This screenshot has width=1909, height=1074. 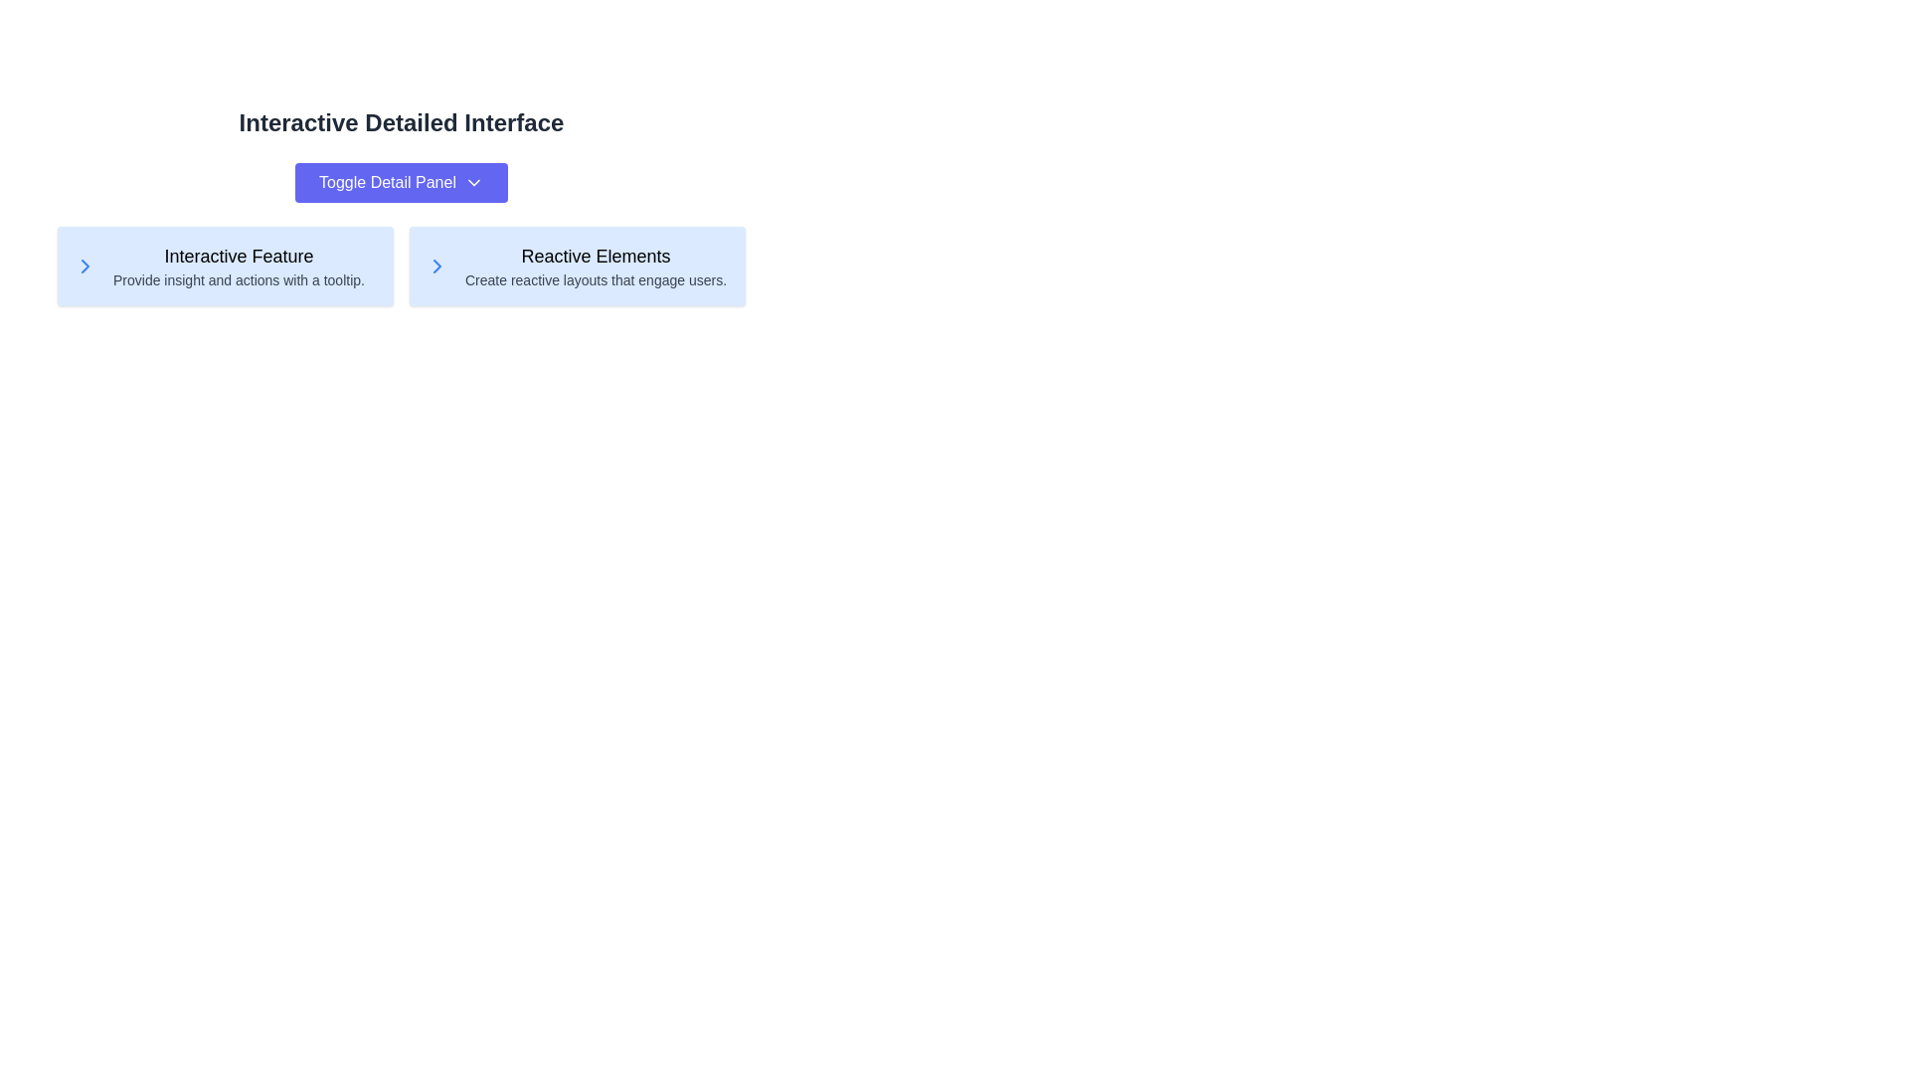 What do you see at coordinates (595, 279) in the screenshot?
I see `the text label providing a descriptive subtitle for the header 'Reactive Elements', located in the right column below the header` at bounding box center [595, 279].